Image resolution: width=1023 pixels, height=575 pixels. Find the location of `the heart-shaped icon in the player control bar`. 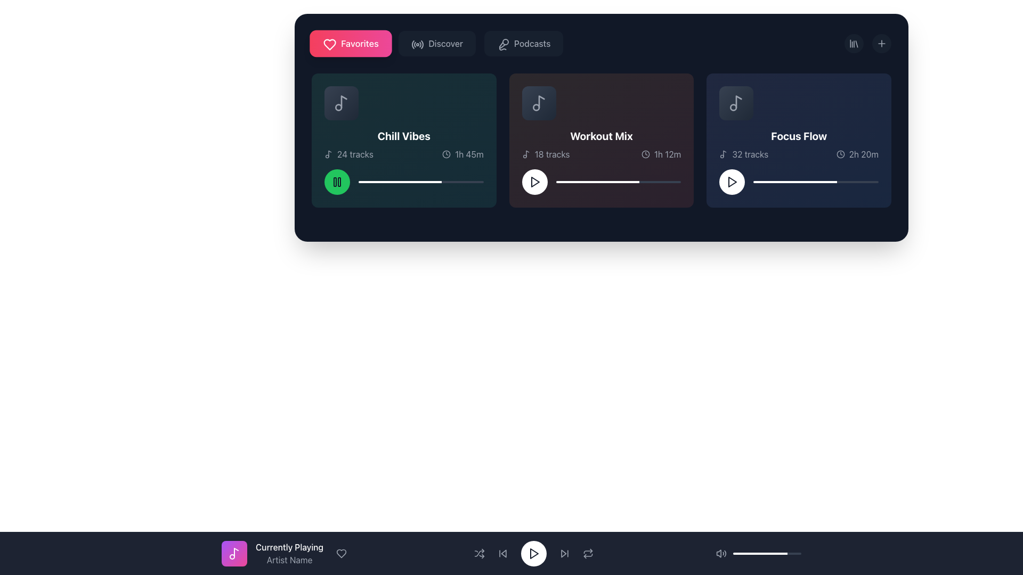

the heart-shaped icon in the player control bar is located at coordinates (342, 553).